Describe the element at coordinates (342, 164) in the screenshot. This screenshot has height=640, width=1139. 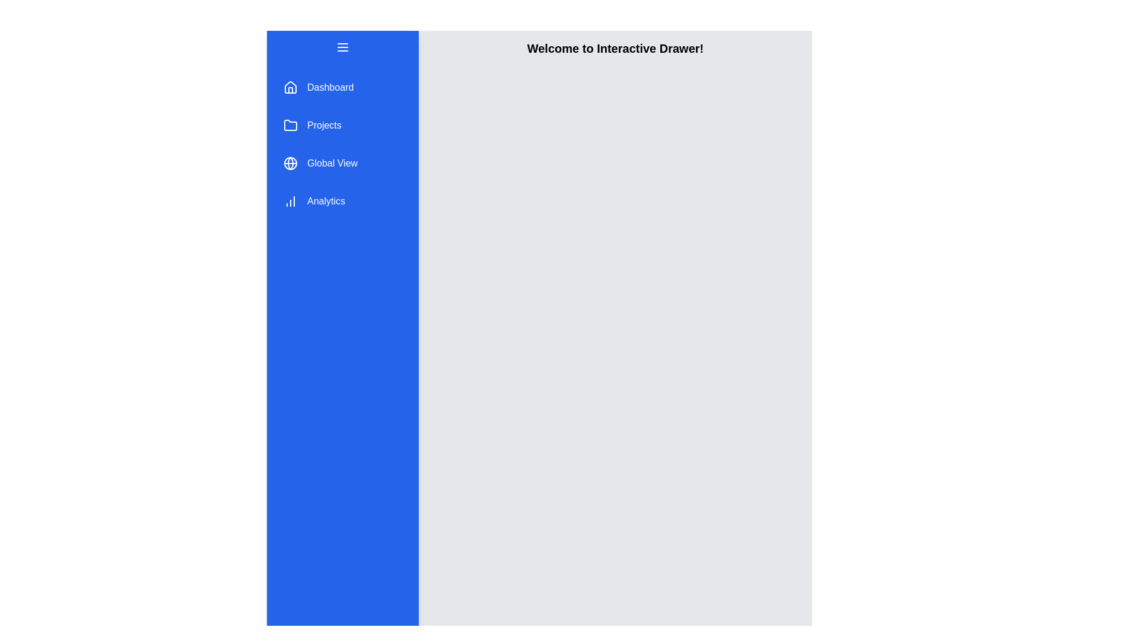
I see `the menu item Global View in the drawer` at that location.